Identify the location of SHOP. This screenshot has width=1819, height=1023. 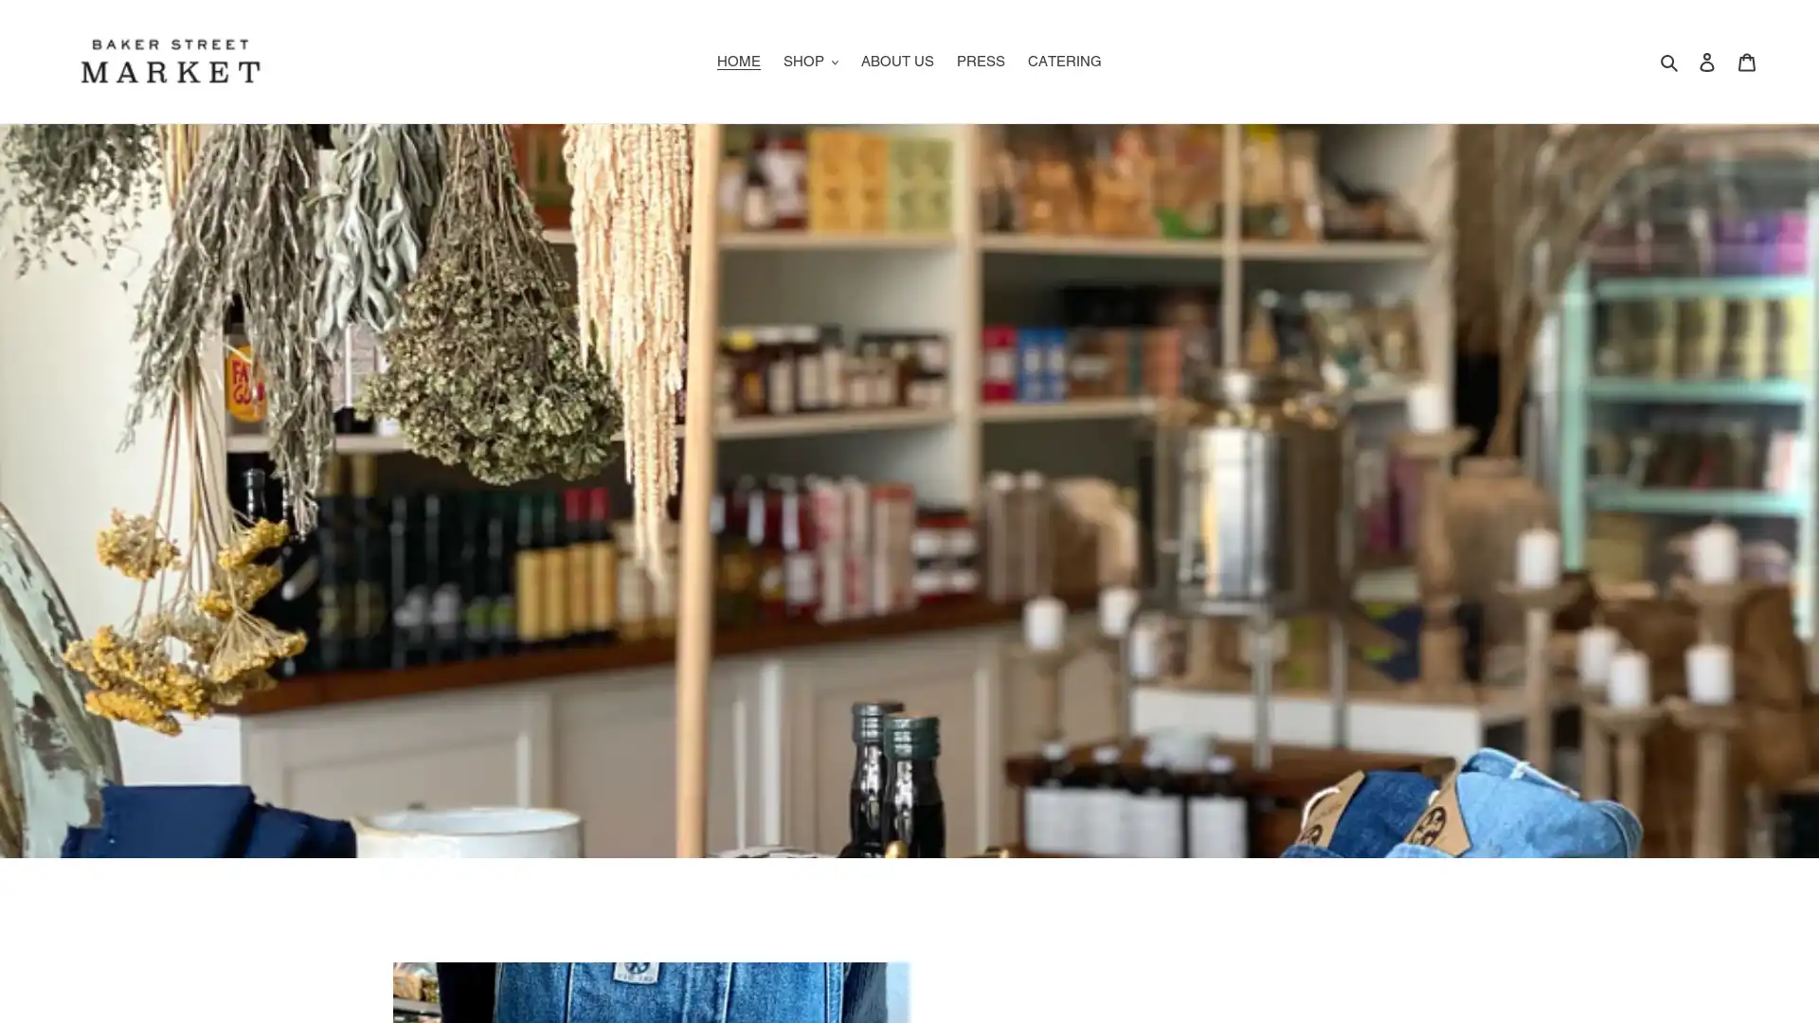
(810, 60).